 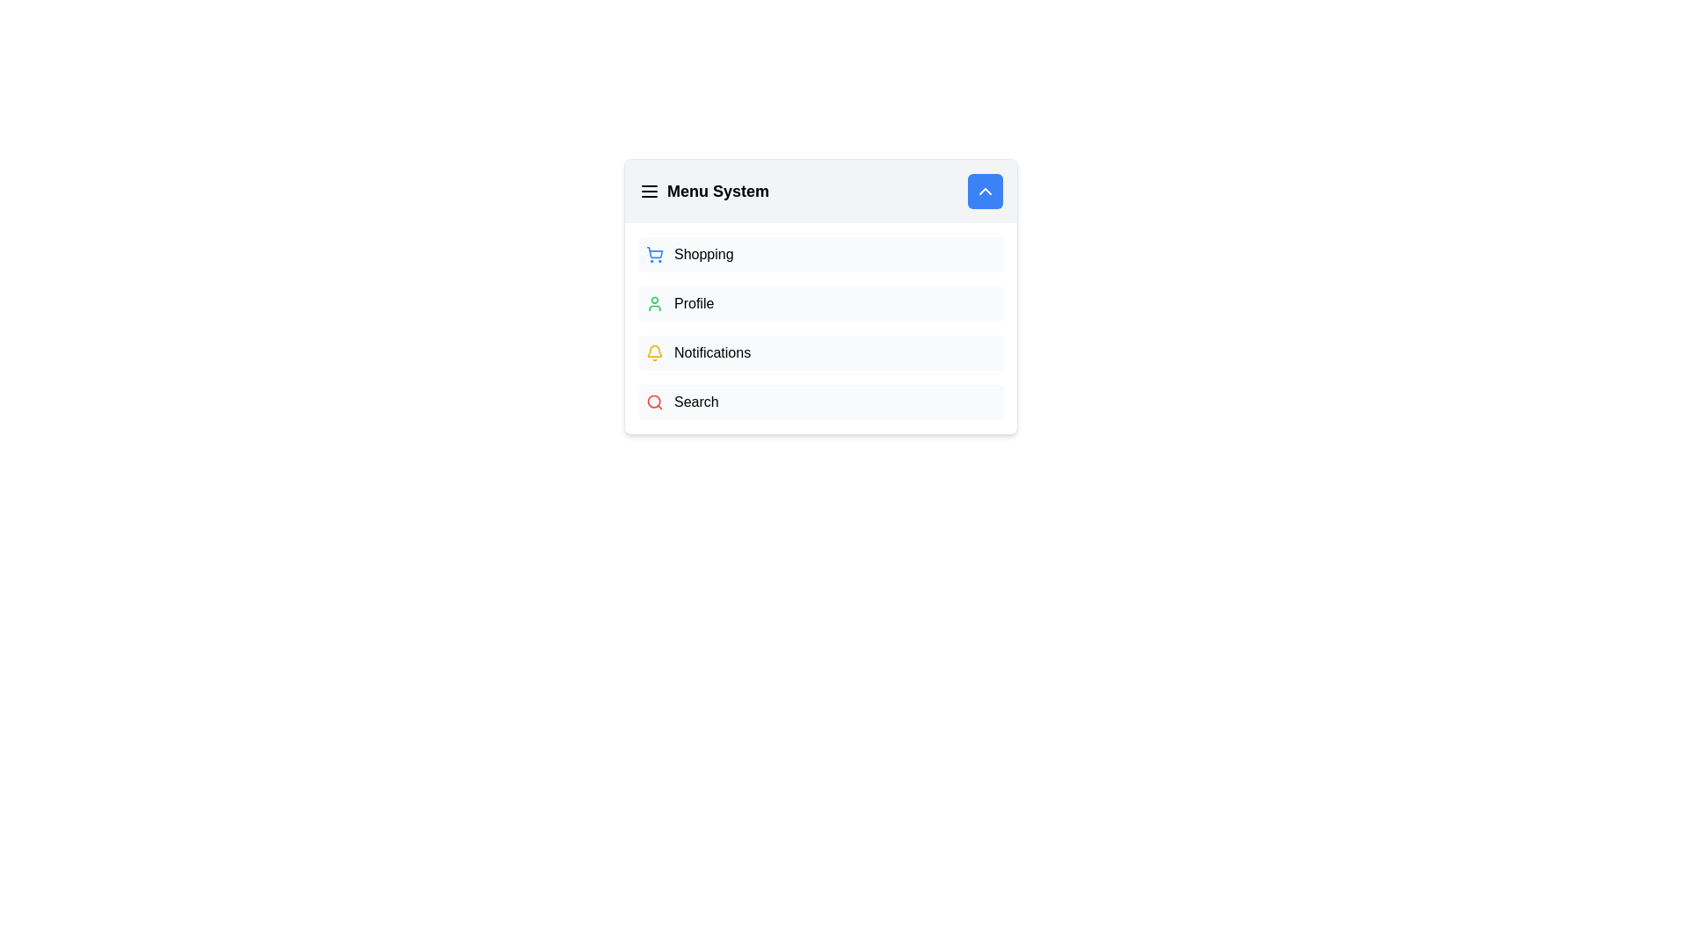 What do you see at coordinates (653, 352) in the screenshot?
I see `the yellow bell icon representing notifications, which is located to the left of the text 'Notifications' in the dropdown menu under 'Menu System.'` at bounding box center [653, 352].